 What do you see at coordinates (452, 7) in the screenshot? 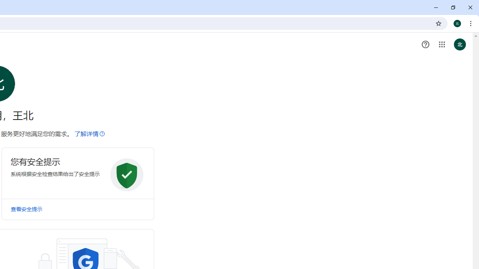
I see `'Restore'` at bounding box center [452, 7].